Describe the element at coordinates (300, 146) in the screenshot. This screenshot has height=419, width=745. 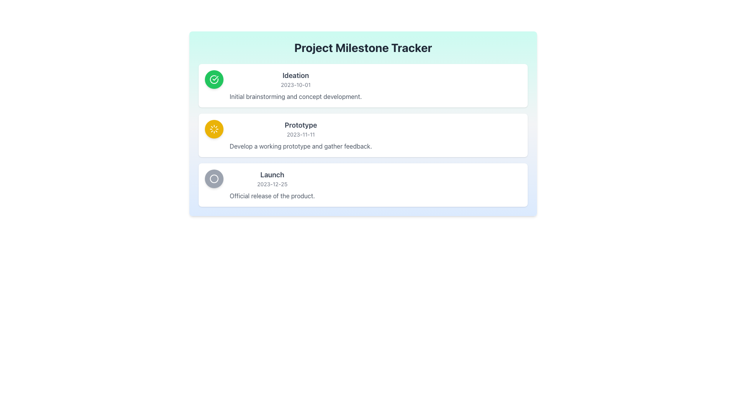
I see `the text element that describes the task or goal related to the 'Prototype' milestone, located below the title 'Prototype' and the date '2023-11-11'` at that location.